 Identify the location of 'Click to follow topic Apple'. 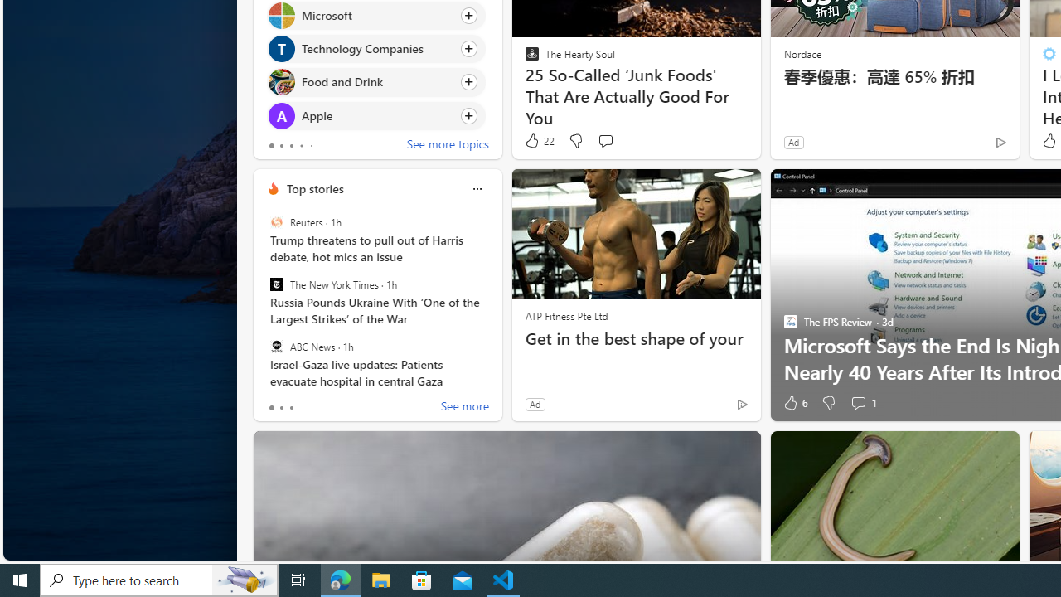
(375, 114).